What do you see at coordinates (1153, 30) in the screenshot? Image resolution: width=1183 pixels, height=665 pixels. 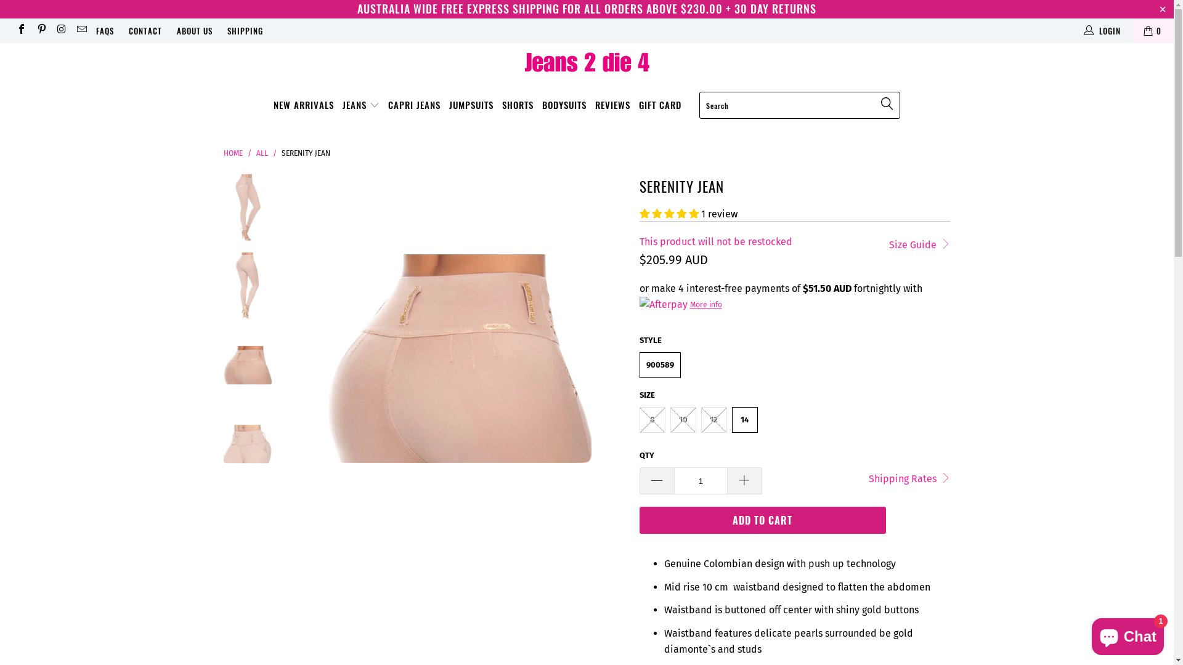 I see `'0'` at bounding box center [1153, 30].